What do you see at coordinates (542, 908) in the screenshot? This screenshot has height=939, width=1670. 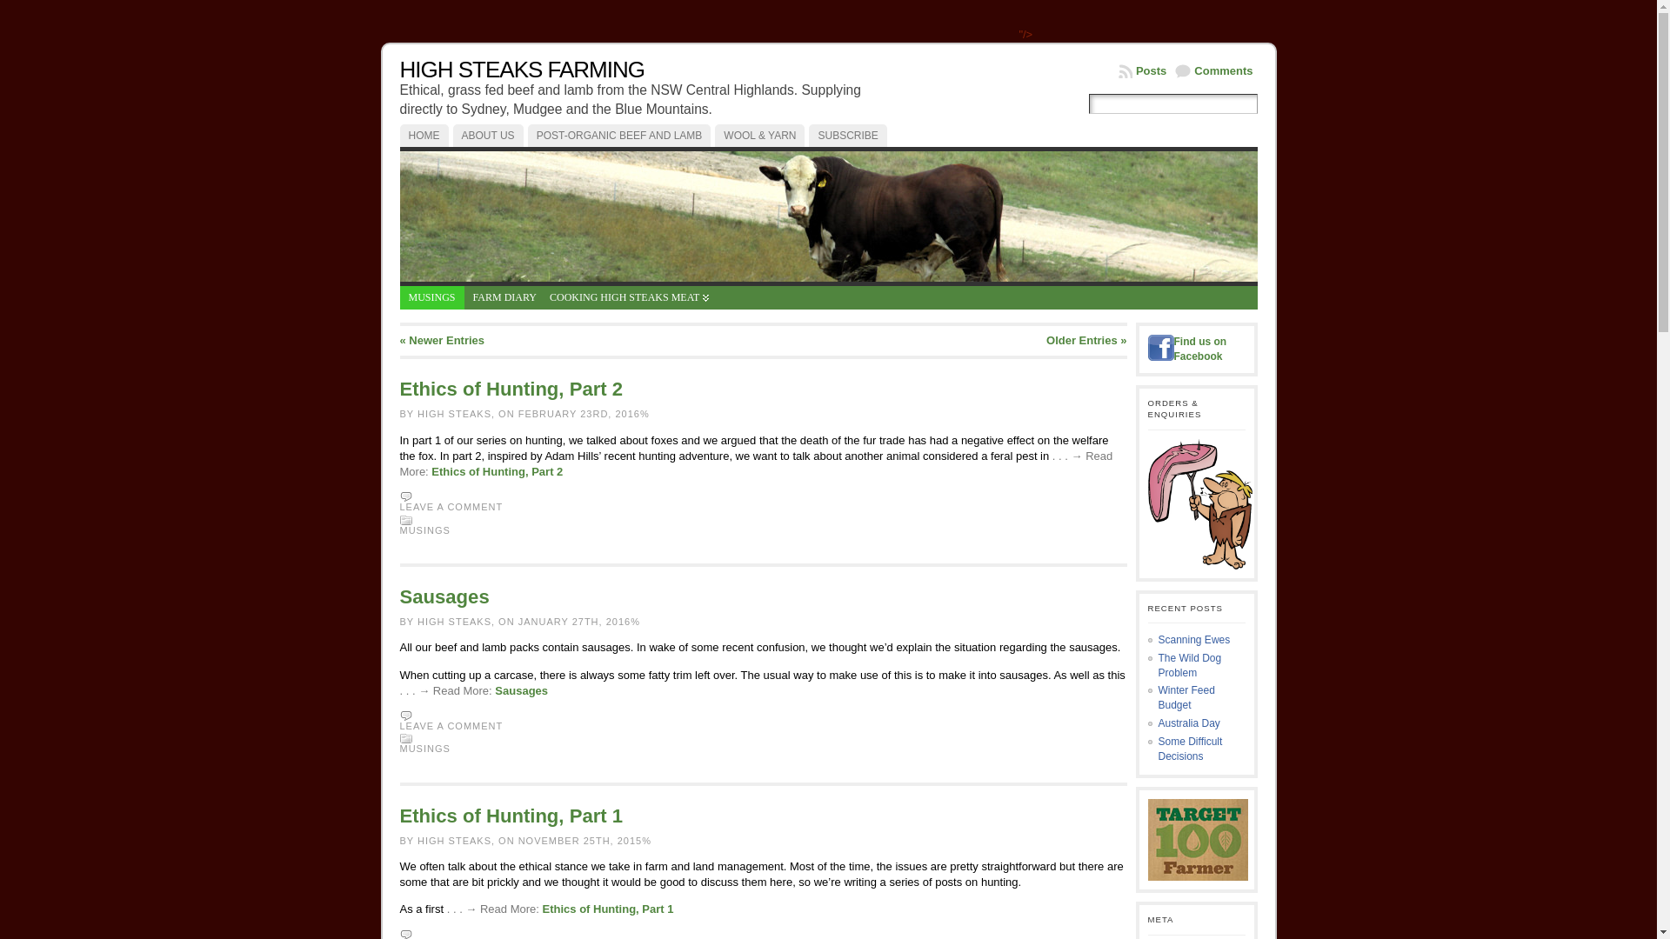 I see `'Ethics of Hunting, Part 1'` at bounding box center [542, 908].